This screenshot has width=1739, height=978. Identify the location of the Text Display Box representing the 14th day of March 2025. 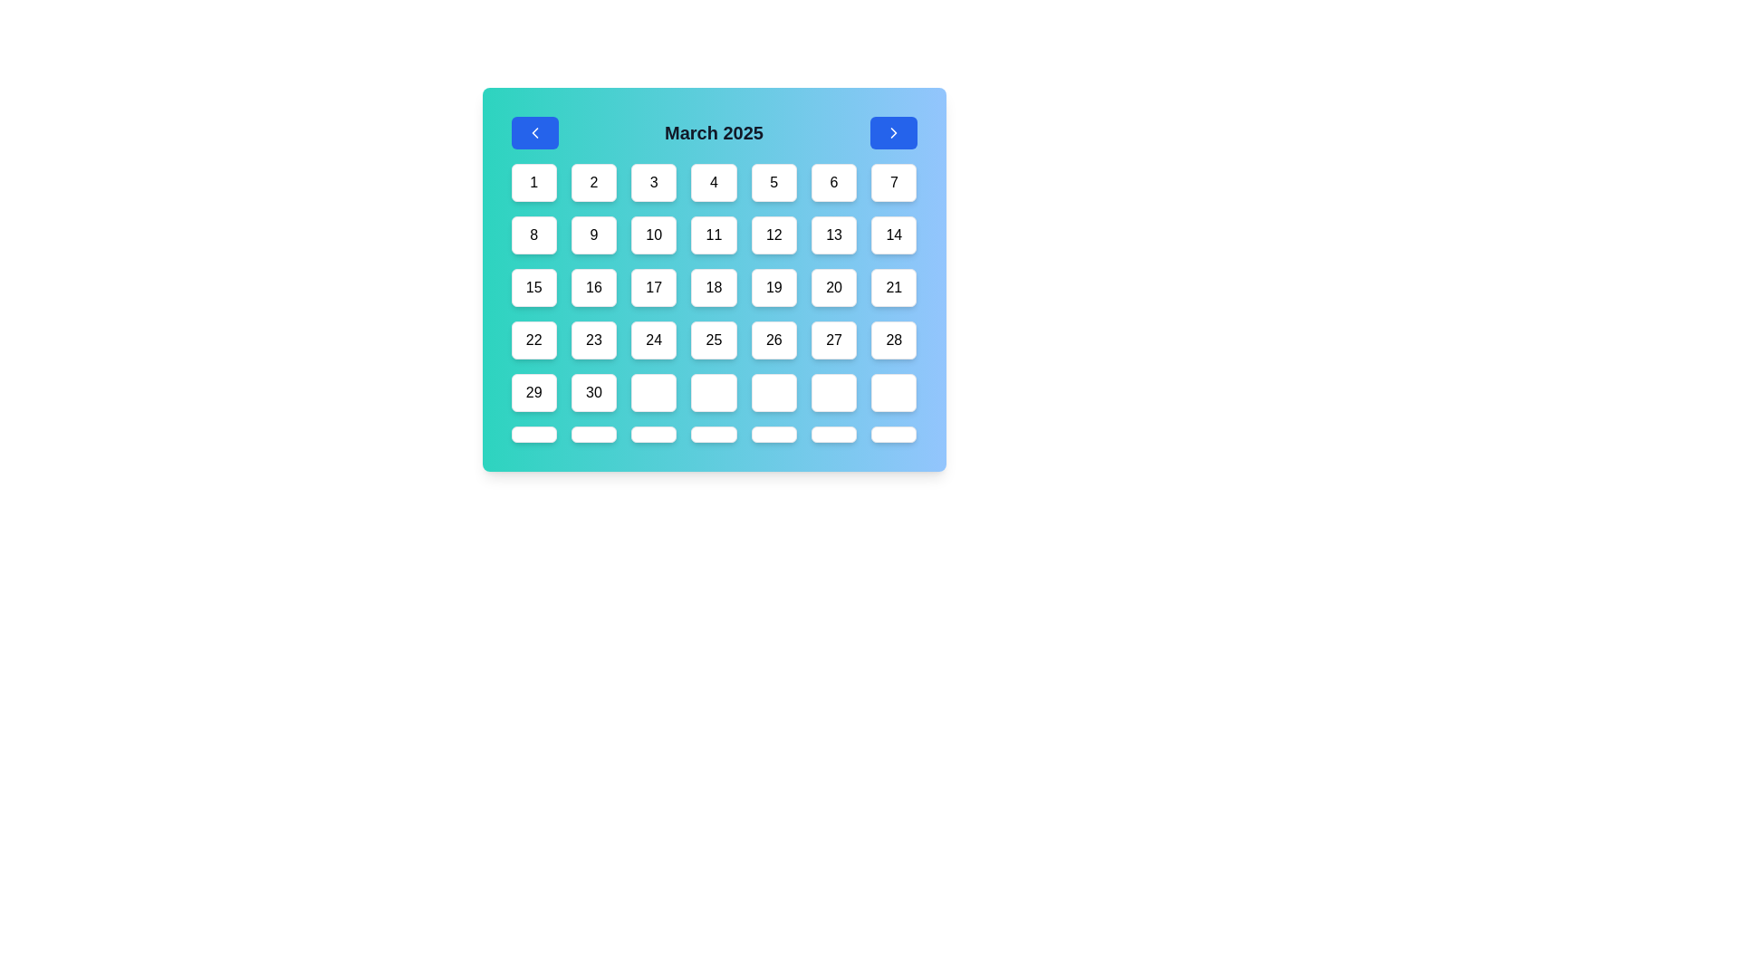
(894, 234).